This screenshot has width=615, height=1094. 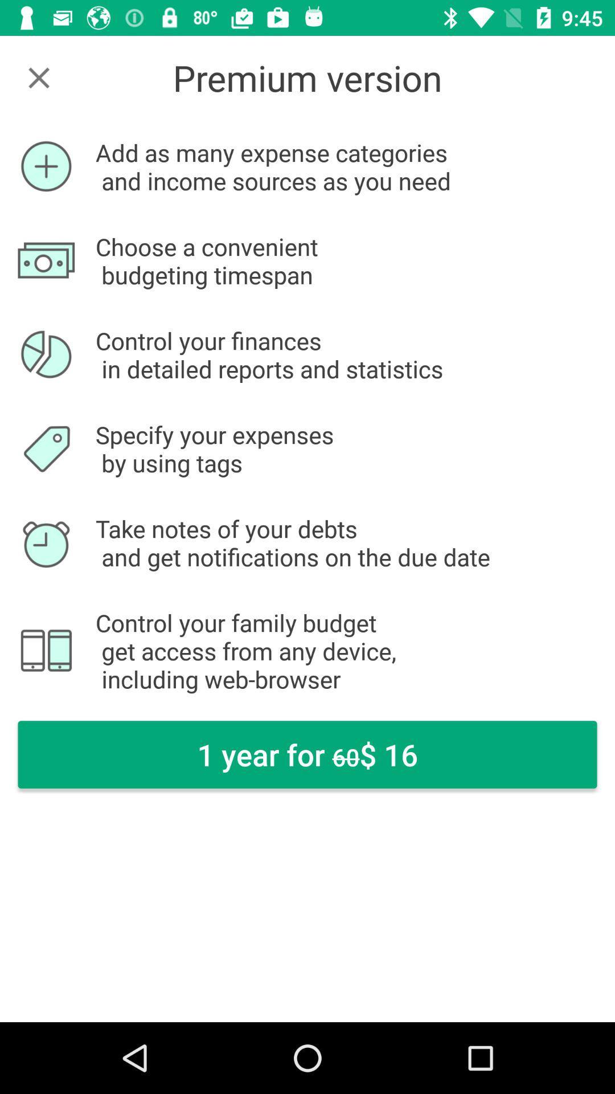 What do you see at coordinates (38, 77) in the screenshot?
I see `pointing to close screen` at bounding box center [38, 77].